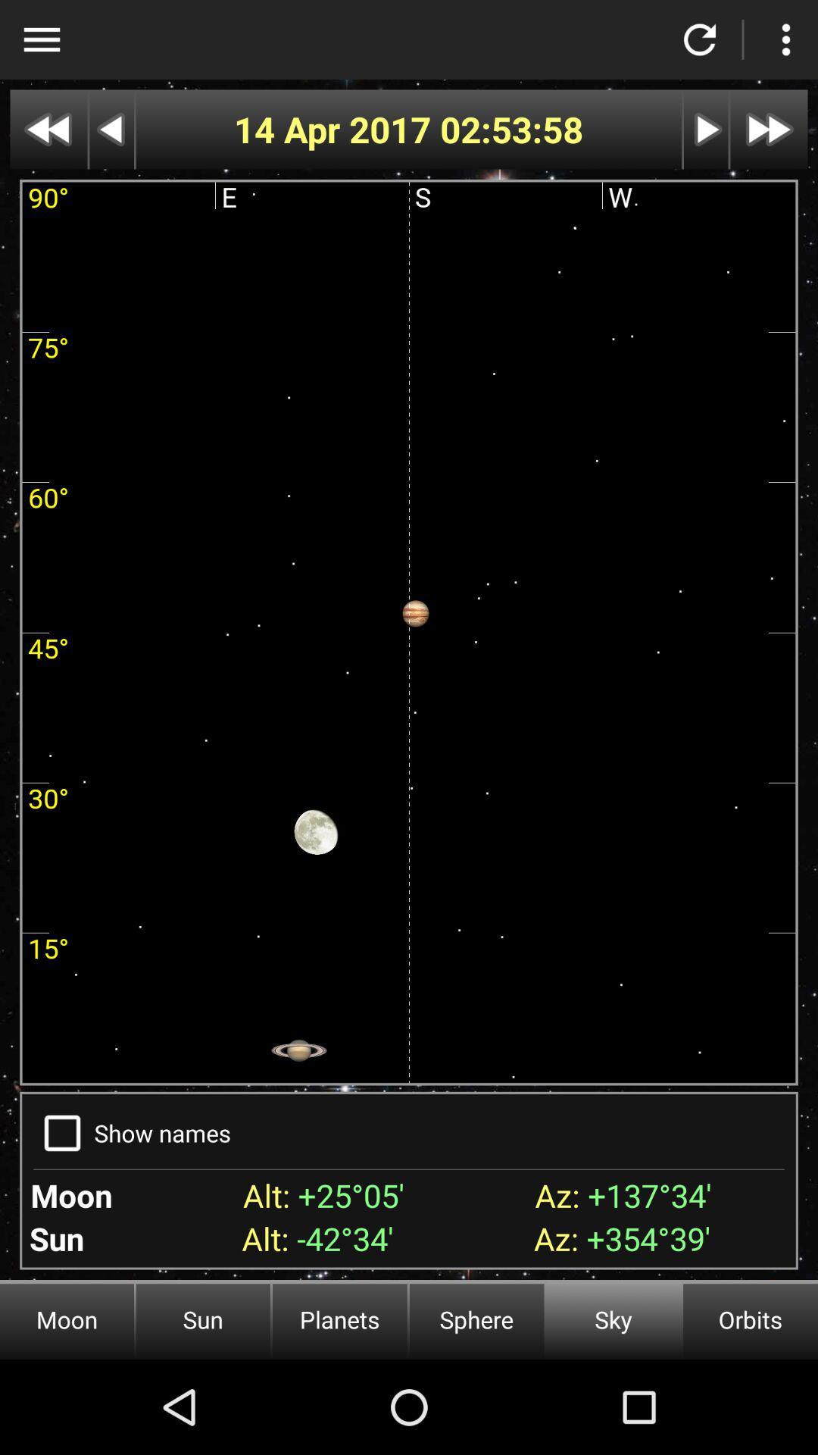  Describe the element at coordinates (785, 39) in the screenshot. I see `open more options or settings` at that location.